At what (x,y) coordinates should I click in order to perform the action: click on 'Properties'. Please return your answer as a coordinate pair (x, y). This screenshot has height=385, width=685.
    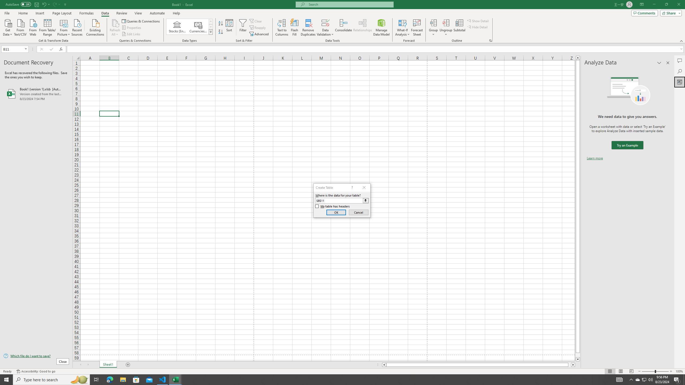
    Looking at the image, I should click on (132, 28).